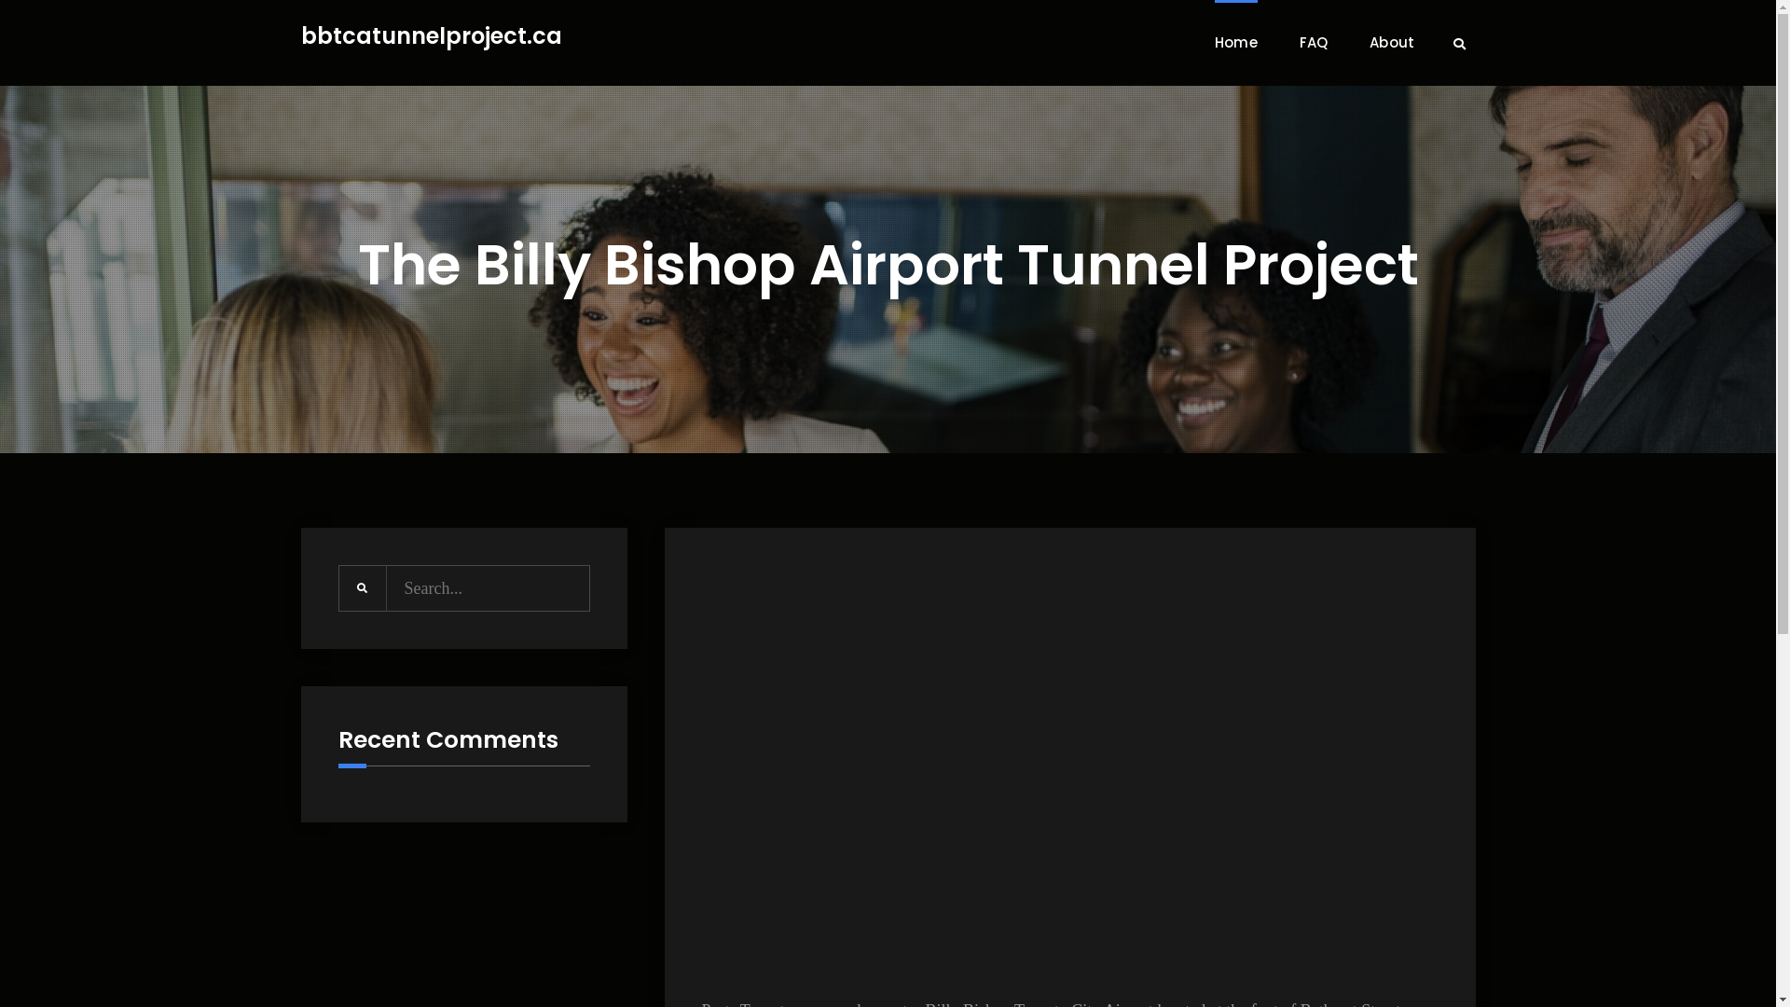 The image size is (1790, 1007). Describe the element at coordinates (1313, 42) in the screenshot. I see `'FAQ'` at that location.